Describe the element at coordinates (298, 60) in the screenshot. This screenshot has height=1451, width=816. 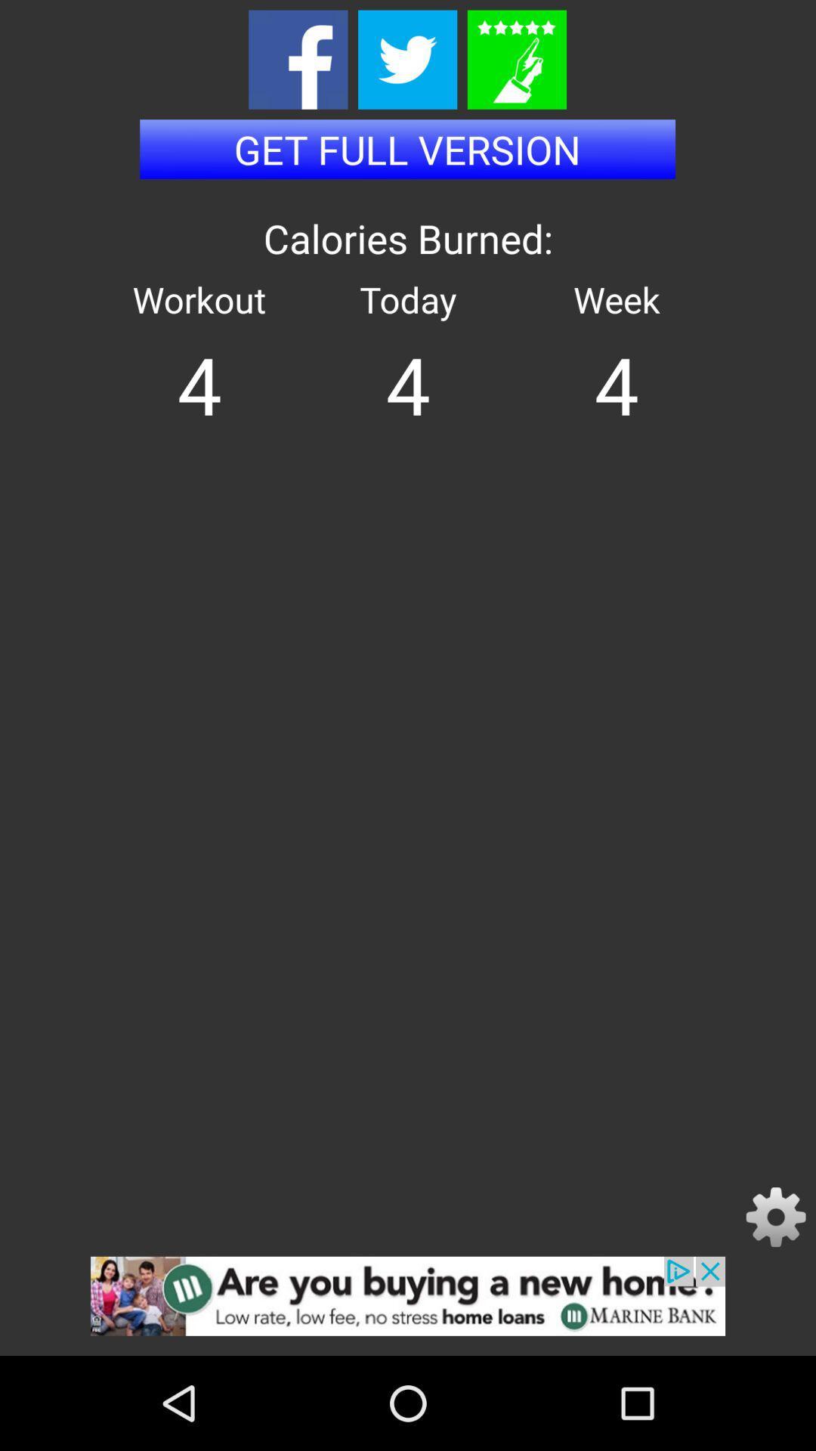
I see `share on facebook` at that location.